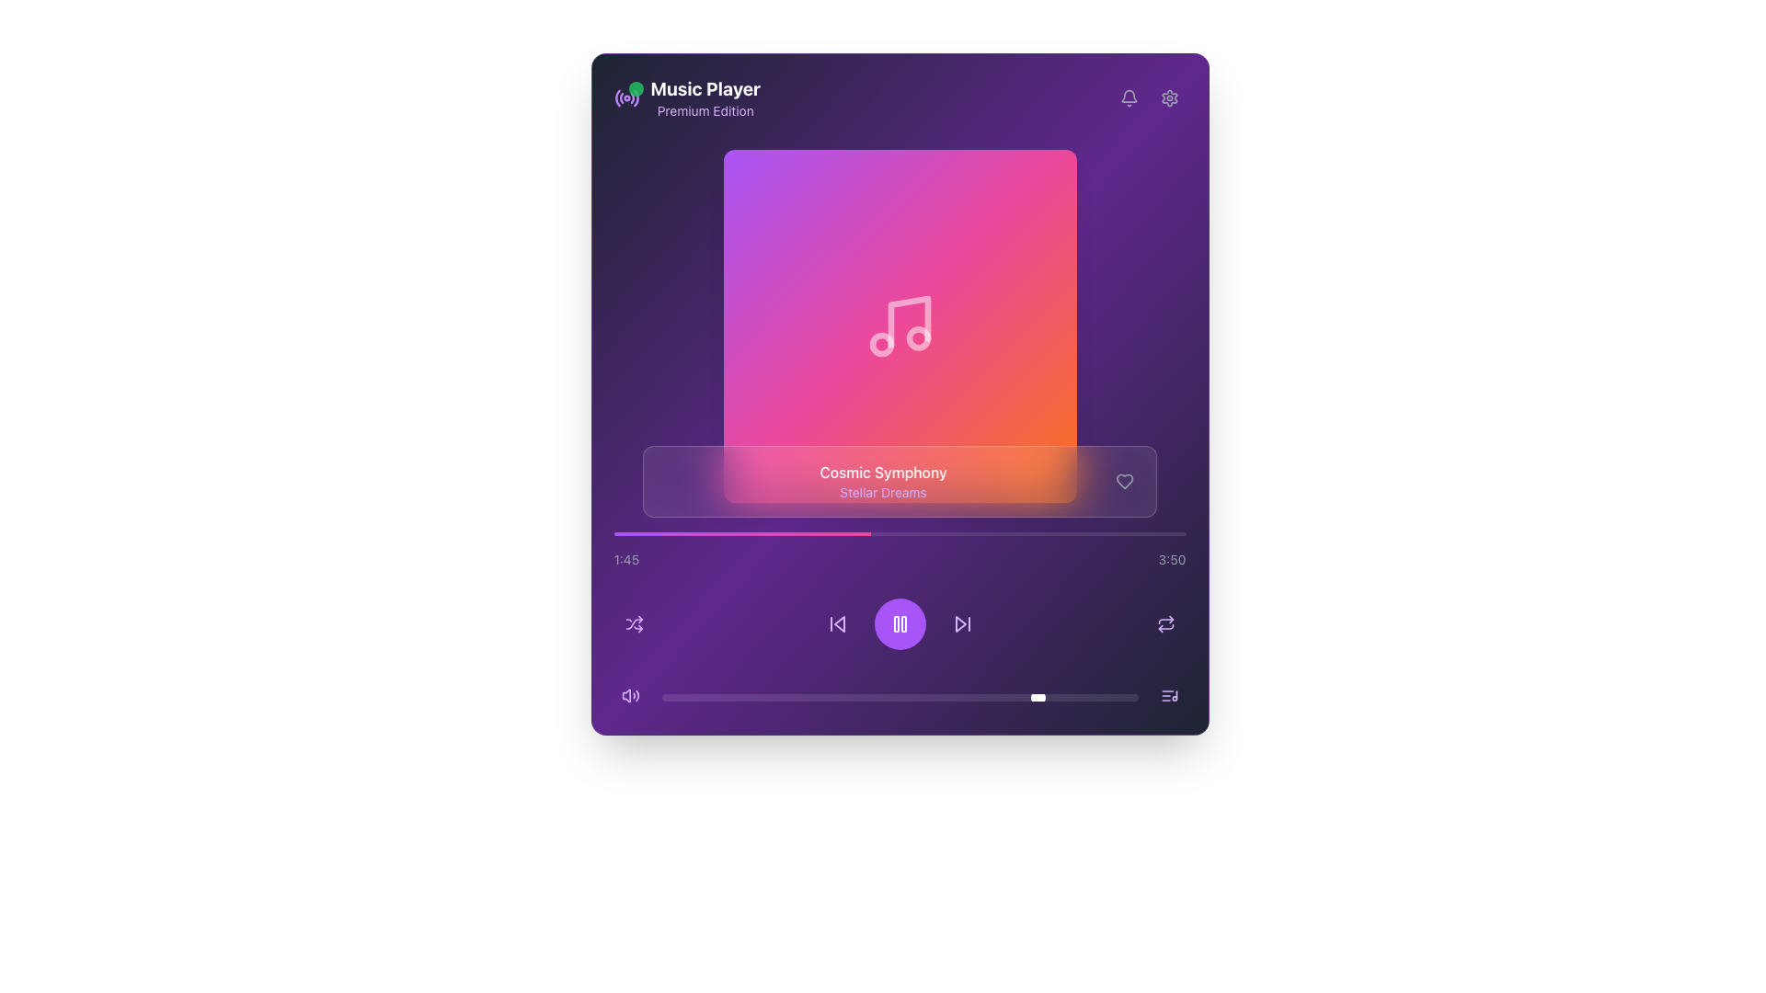  What do you see at coordinates (790, 698) in the screenshot?
I see `volume` at bounding box center [790, 698].